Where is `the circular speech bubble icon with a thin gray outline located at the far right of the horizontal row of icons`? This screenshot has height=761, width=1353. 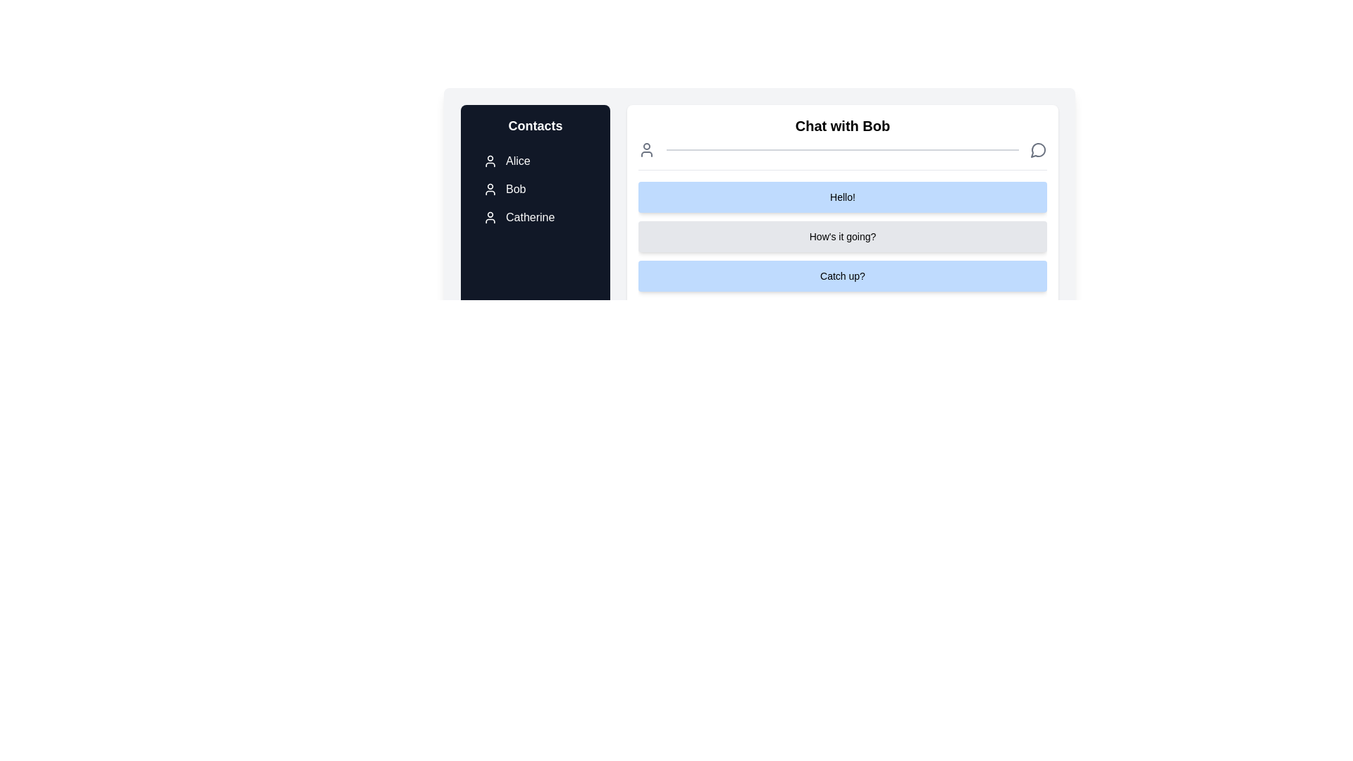 the circular speech bubble icon with a thin gray outline located at the far right of the horizontal row of icons is located at coordinates (1038, 149).